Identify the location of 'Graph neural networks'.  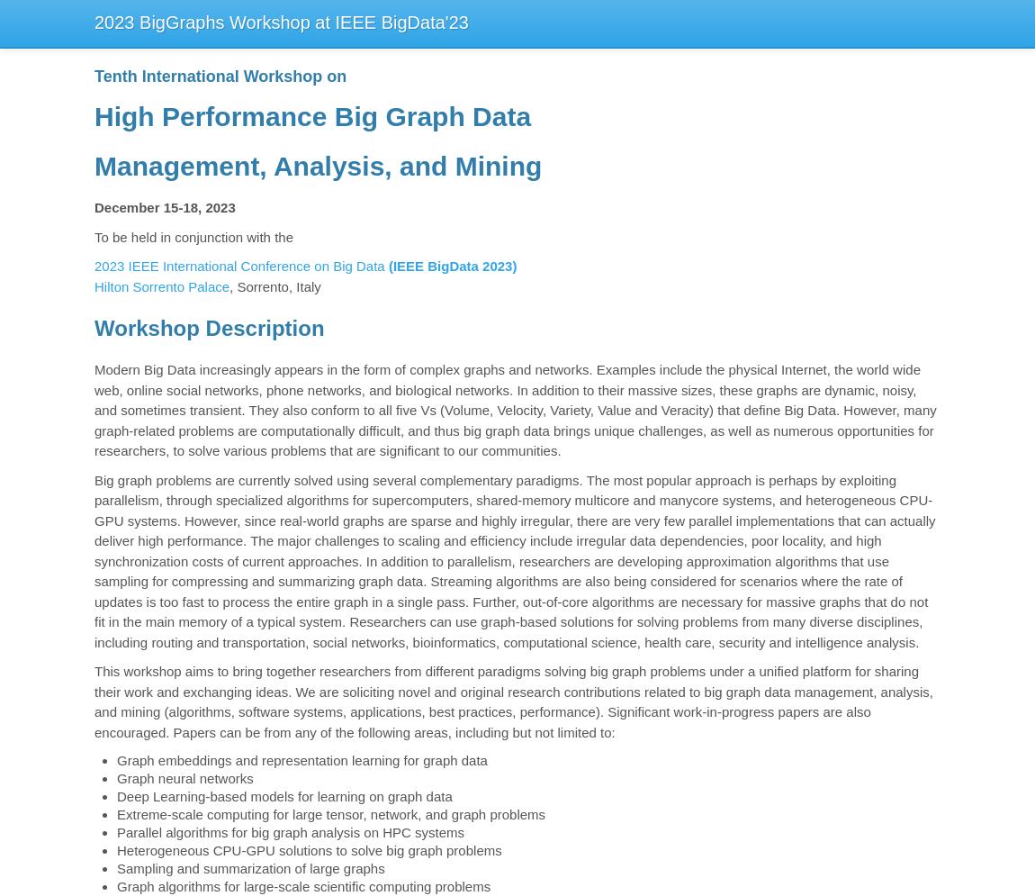
(115, 778).